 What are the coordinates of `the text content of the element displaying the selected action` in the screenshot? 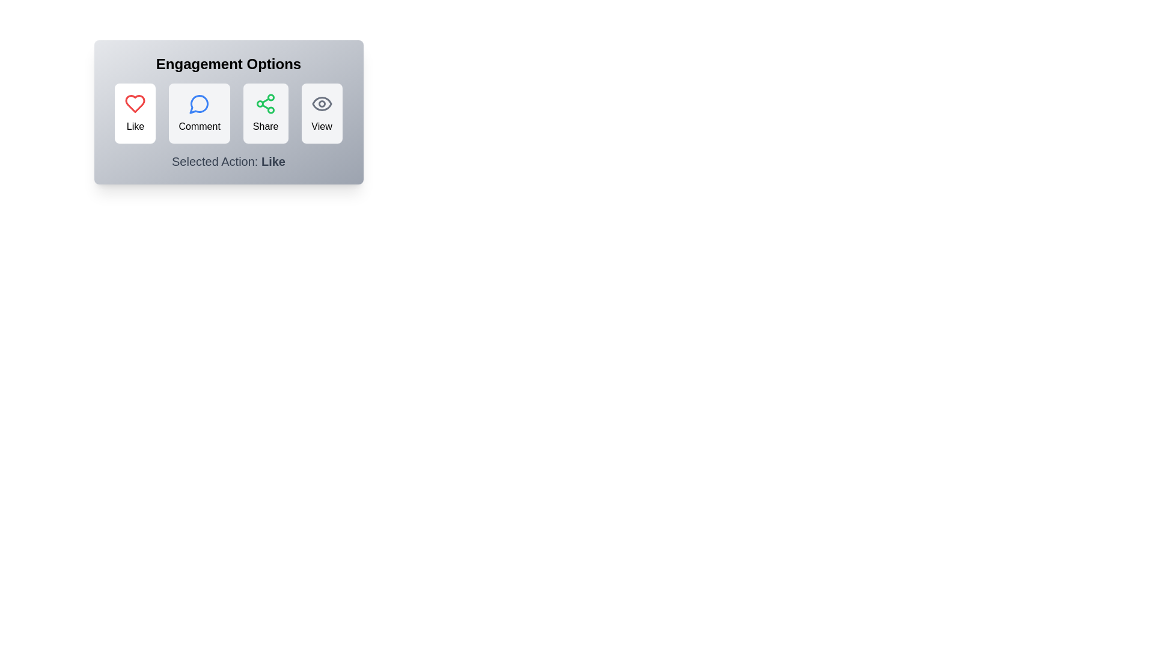 It's located at (228, 161).